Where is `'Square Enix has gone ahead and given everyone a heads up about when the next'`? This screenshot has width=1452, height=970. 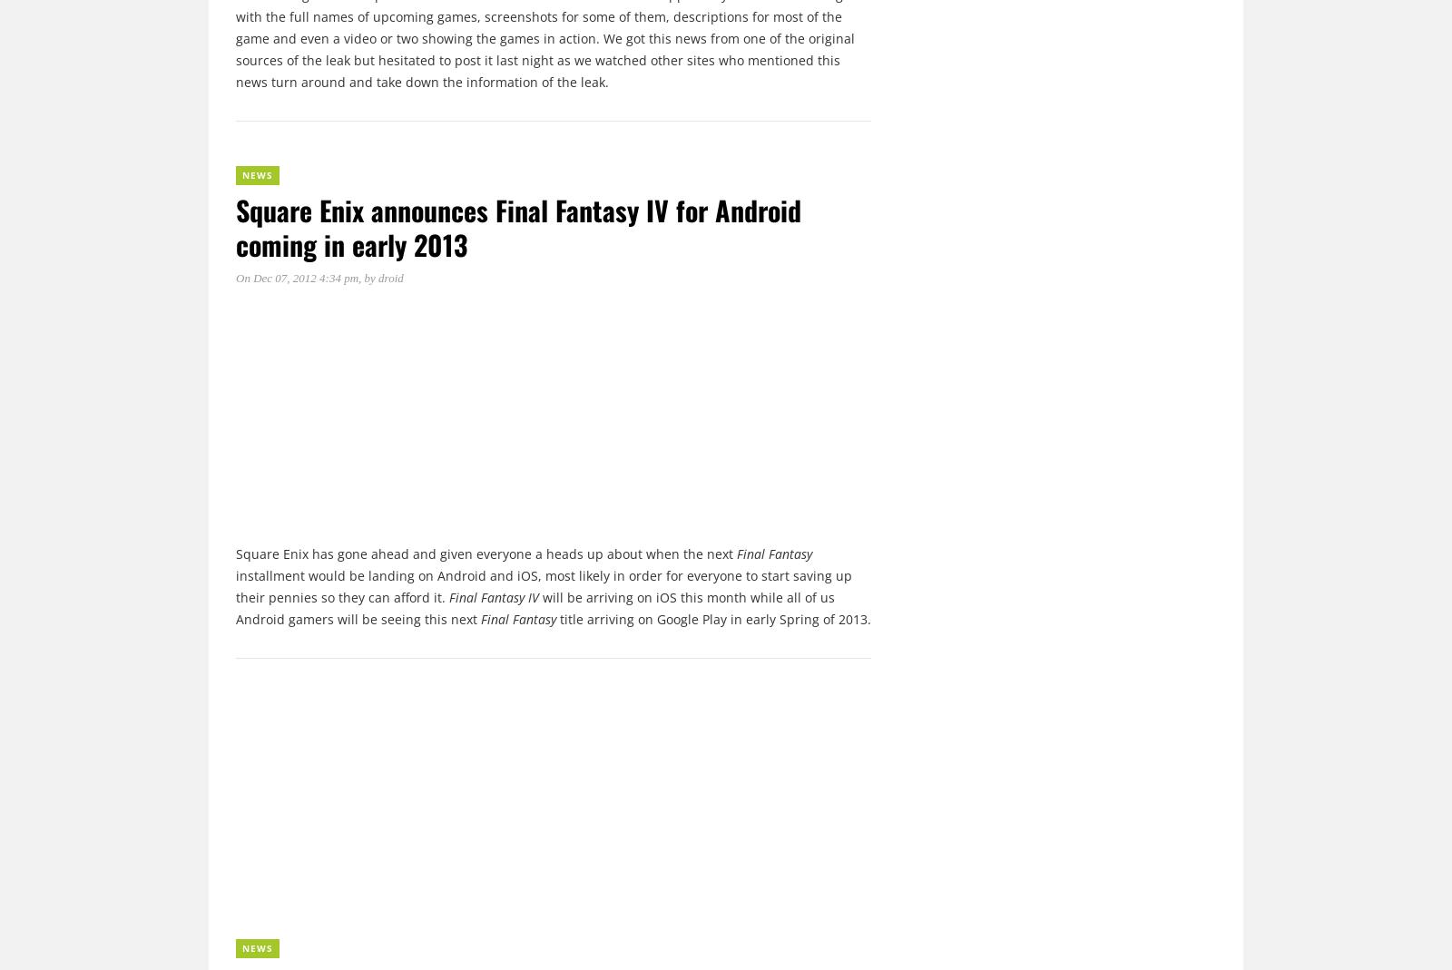 'Square Enix has gone ahead and given everyone a heads up about when the next' is located at coordinates (486, 554).